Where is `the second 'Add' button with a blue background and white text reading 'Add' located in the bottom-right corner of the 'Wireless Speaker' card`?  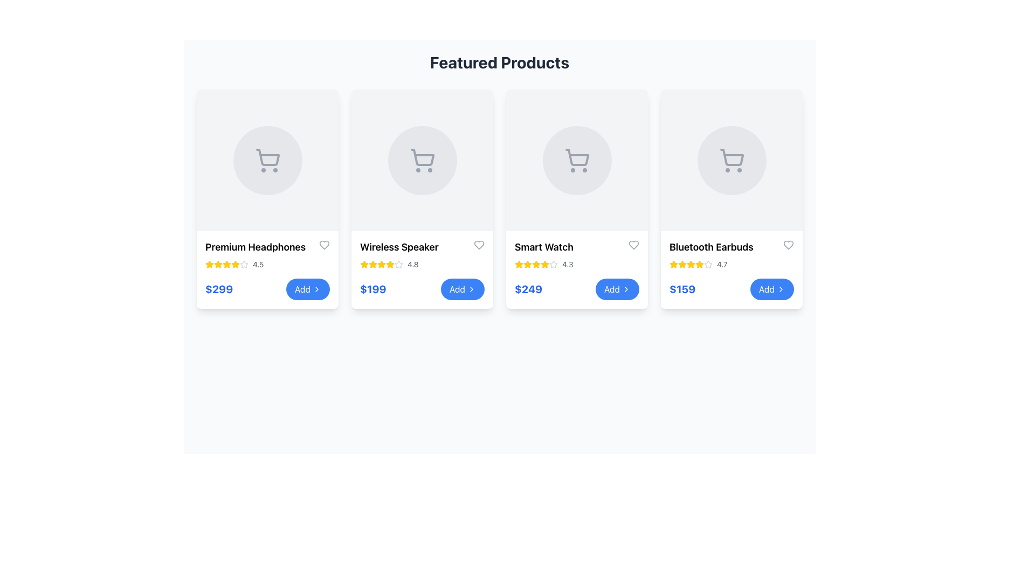 the second 'Add' button with a blue background and white text reading 'Add' located in the bottom-right corner of the 'Wireless Speaker' card is located at coordinates (463, 288).